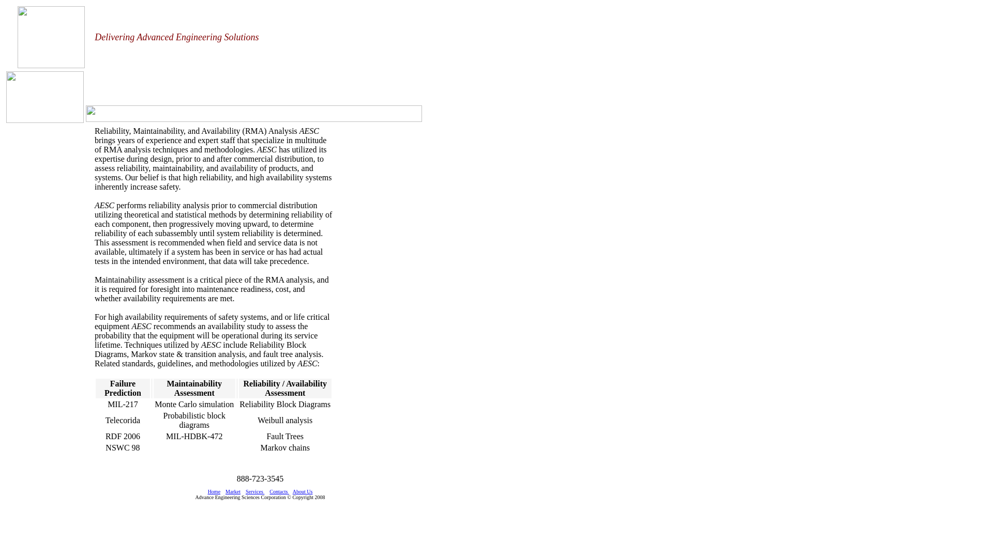 The image size is (993, 558). What do you see at coordinates (213, 491) in the screenshot?
I see `'Home'` at bounding box center [213, 491].